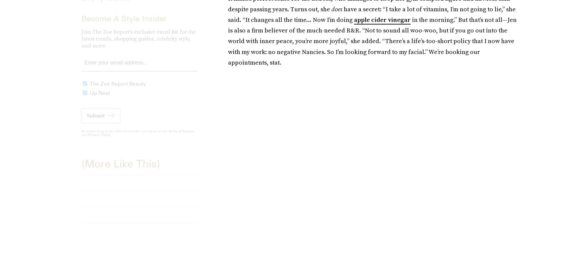  What do you see at coordinates (88, 139) in the screenshot?
I see `'Privacy Policy'` at bounding box center [88, 139].